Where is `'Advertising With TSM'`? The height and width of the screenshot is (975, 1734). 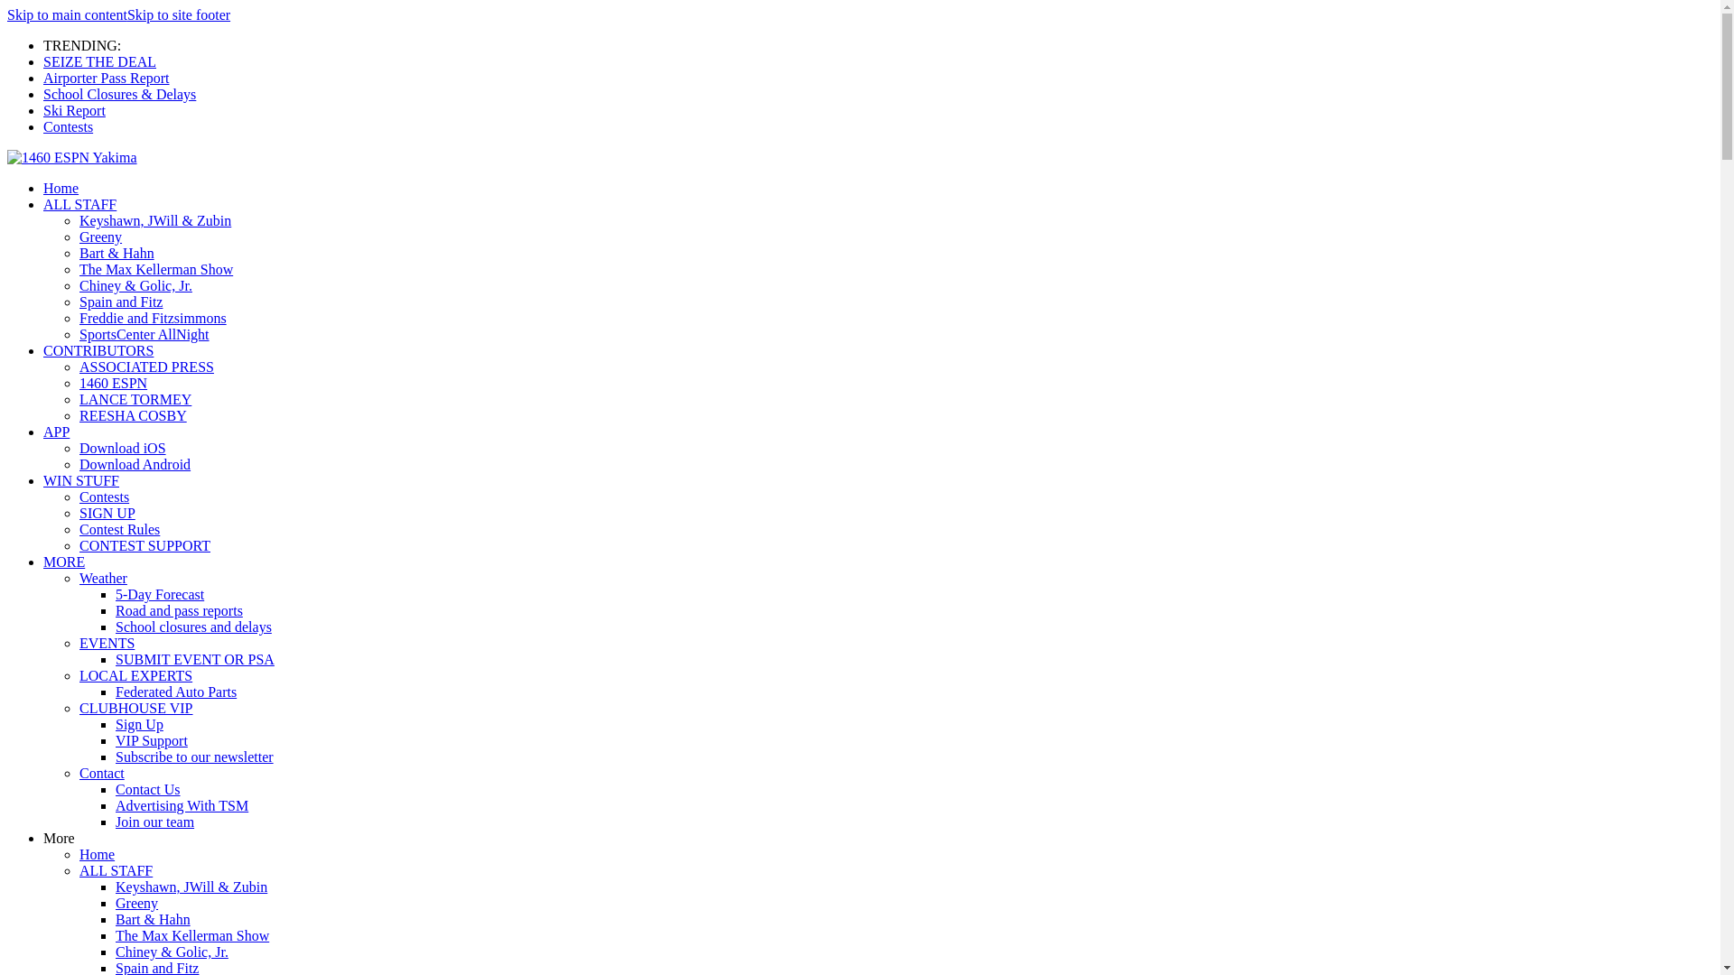 'Advertising With TSM' is located at coordinates (182, 804).